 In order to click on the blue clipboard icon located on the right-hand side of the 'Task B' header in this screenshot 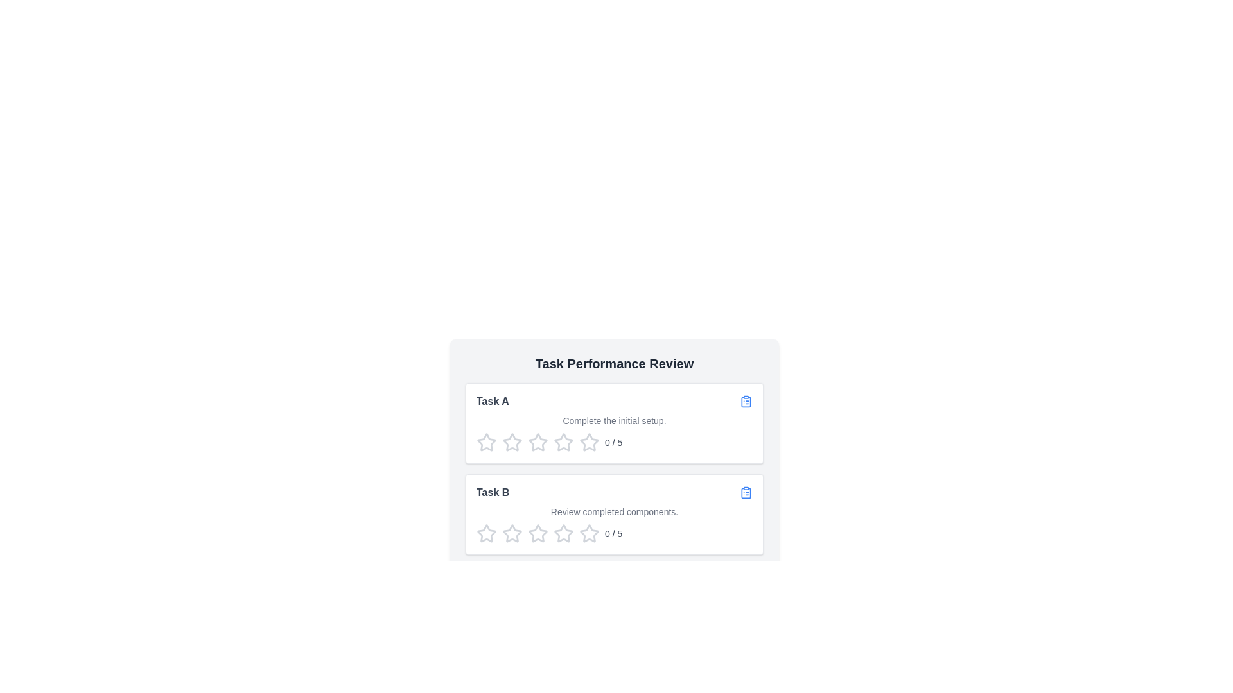, I will do `click(746, 492)`.